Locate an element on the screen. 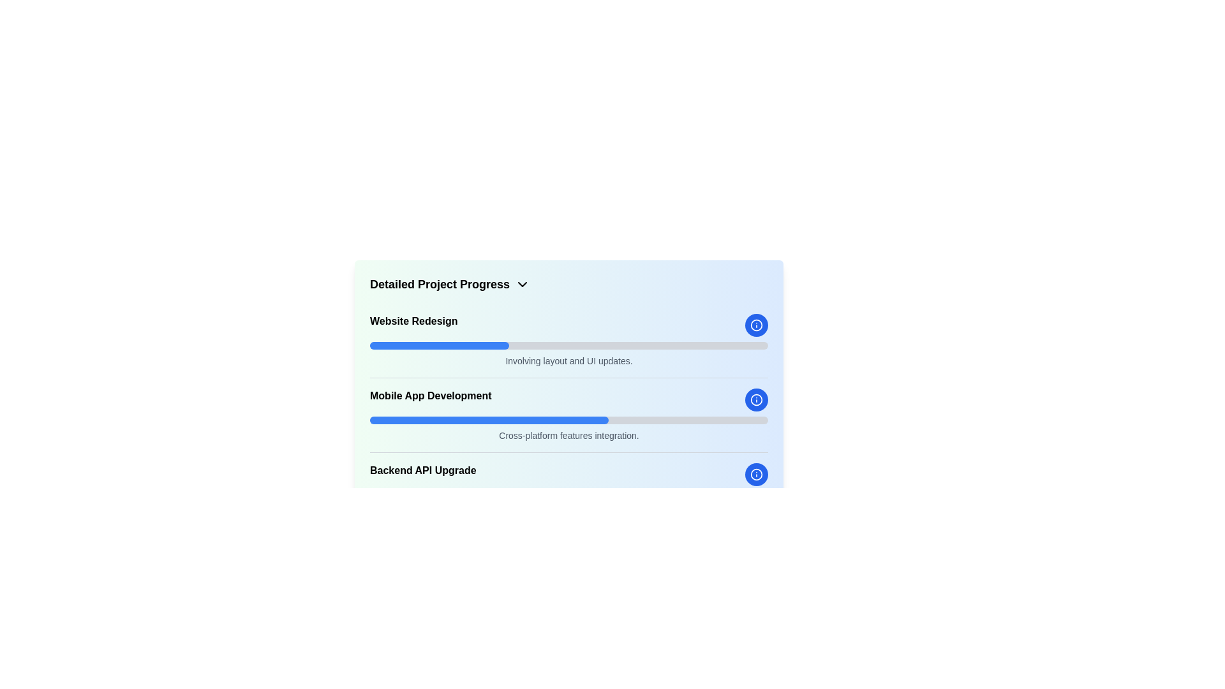 This screenshot has height=689, width=1225. the progress bar indicating the project 'Website Redesign', which is currently at 35% is located at coordinates (440, 346).